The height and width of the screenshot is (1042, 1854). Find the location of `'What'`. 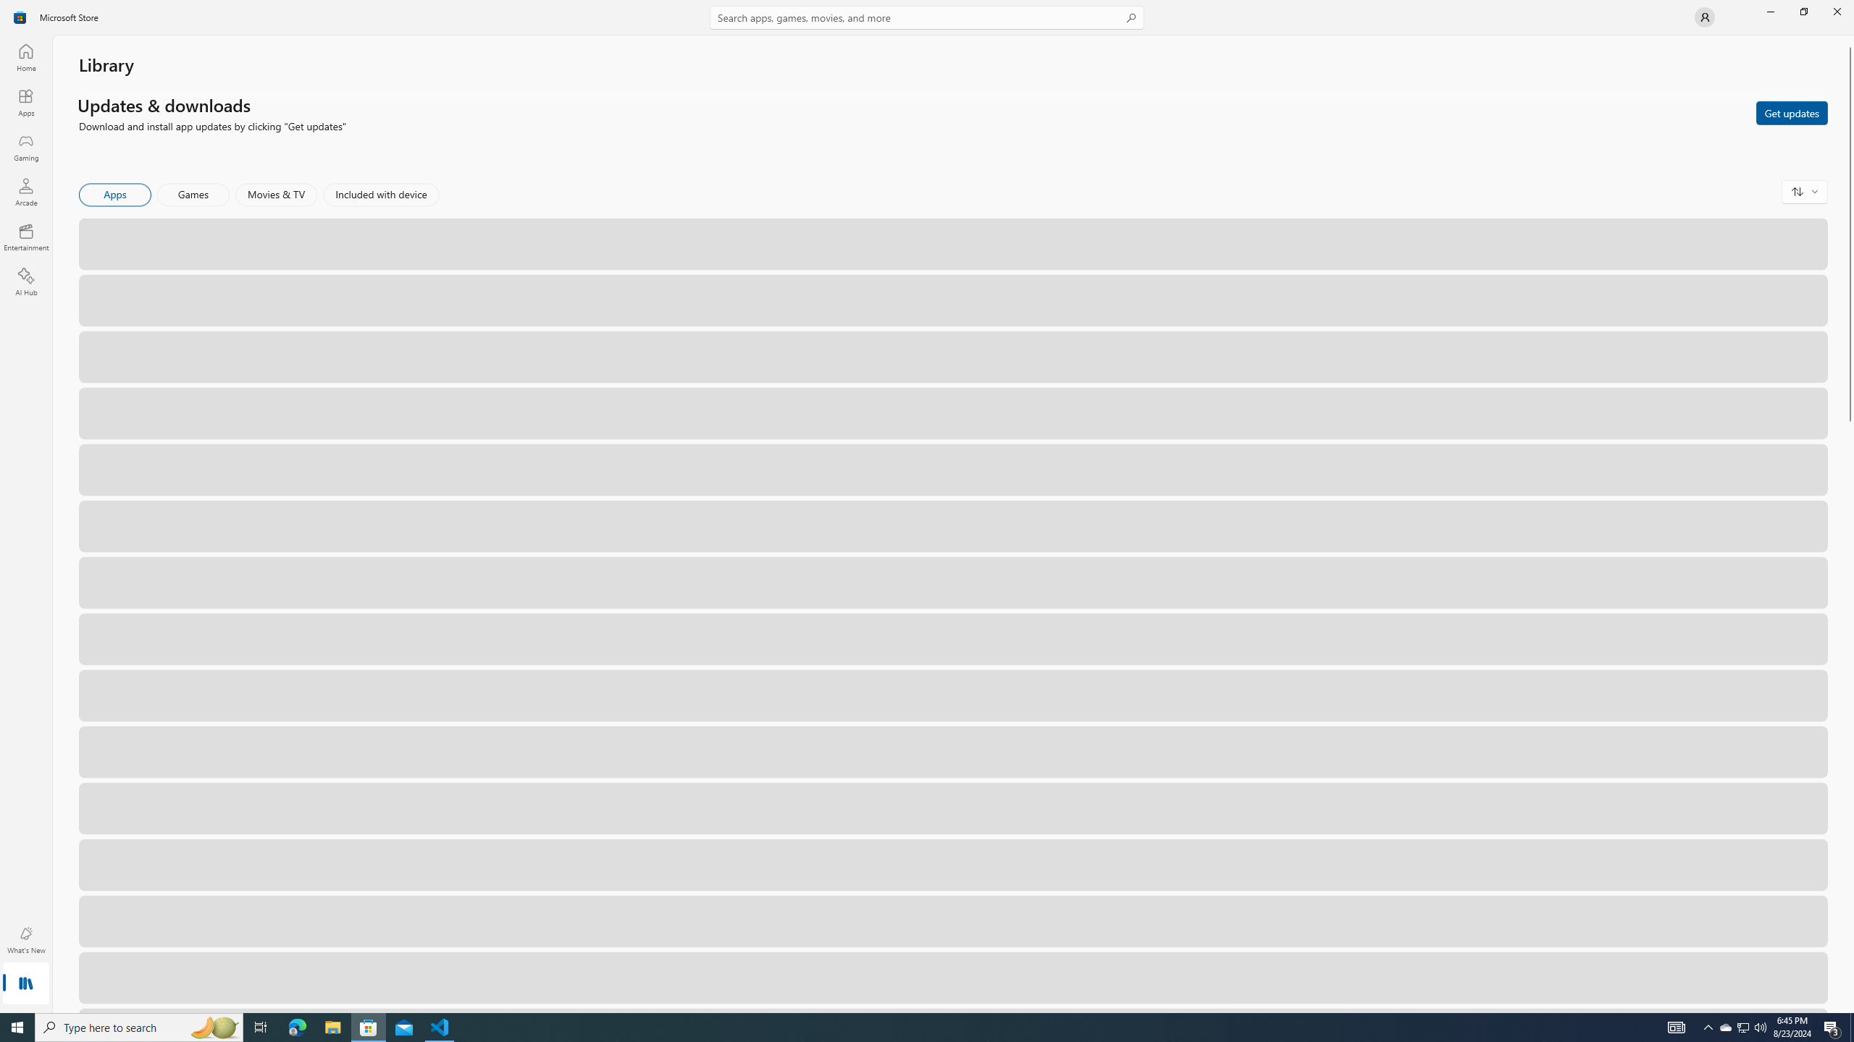

'What' is located at coordinates (25, 939).